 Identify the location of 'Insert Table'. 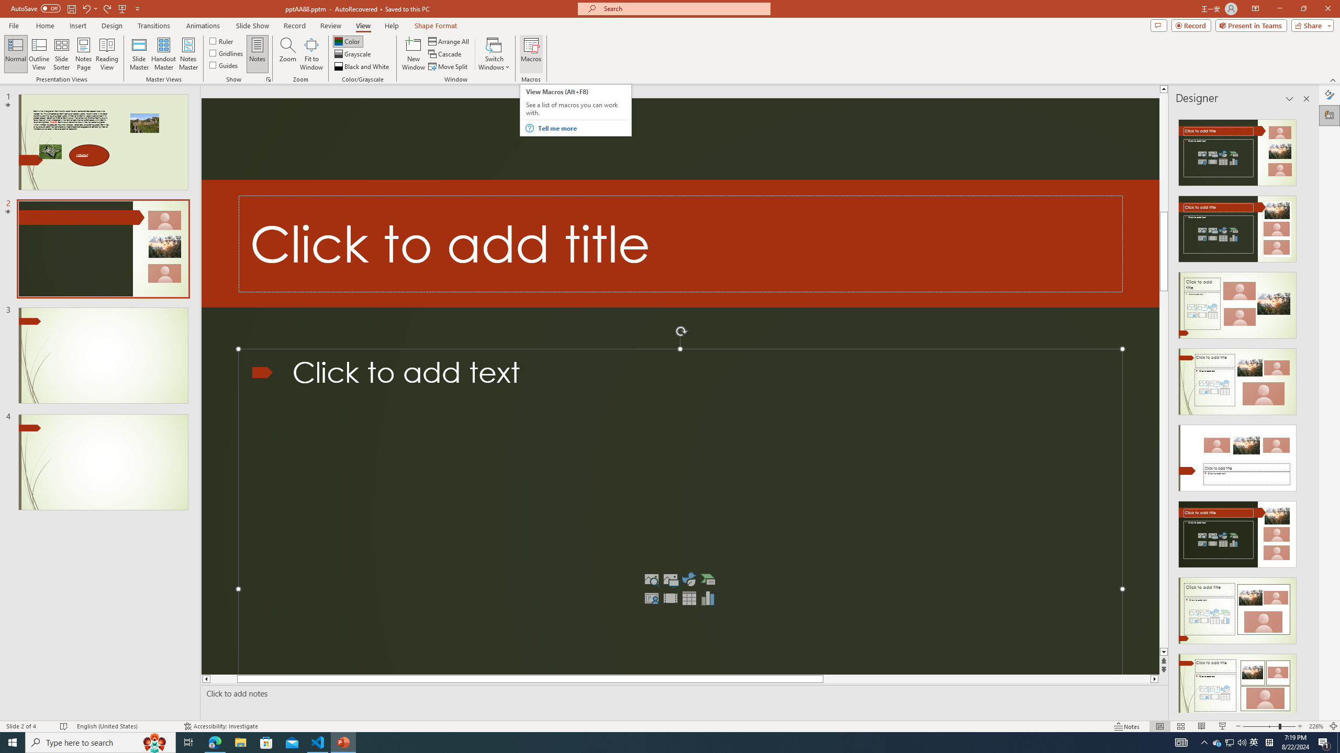
(689, 598).